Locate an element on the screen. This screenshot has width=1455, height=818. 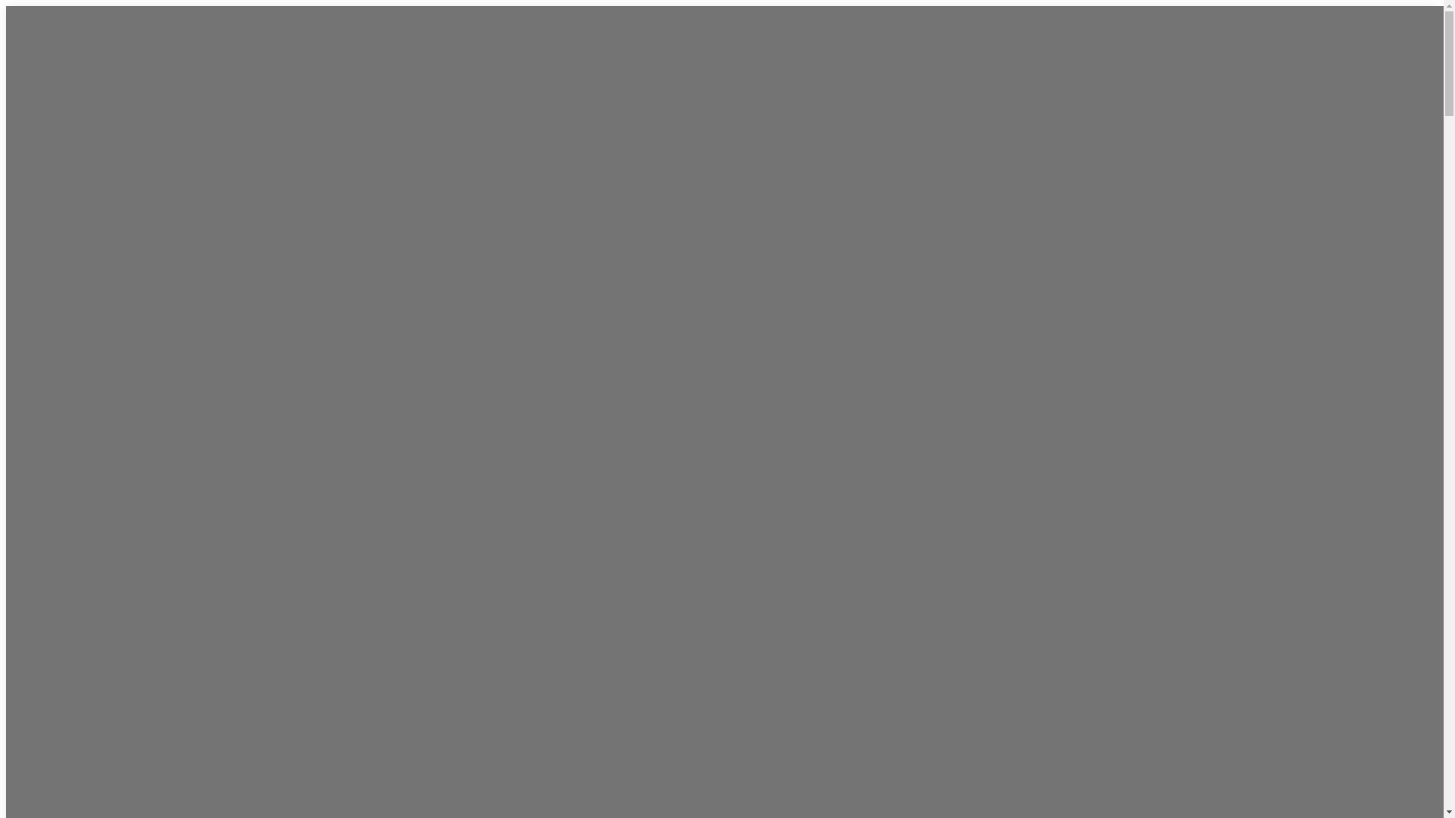
'Compulsory Acquisition and Just Terms Compensation' is located at coordinates (712, 189).